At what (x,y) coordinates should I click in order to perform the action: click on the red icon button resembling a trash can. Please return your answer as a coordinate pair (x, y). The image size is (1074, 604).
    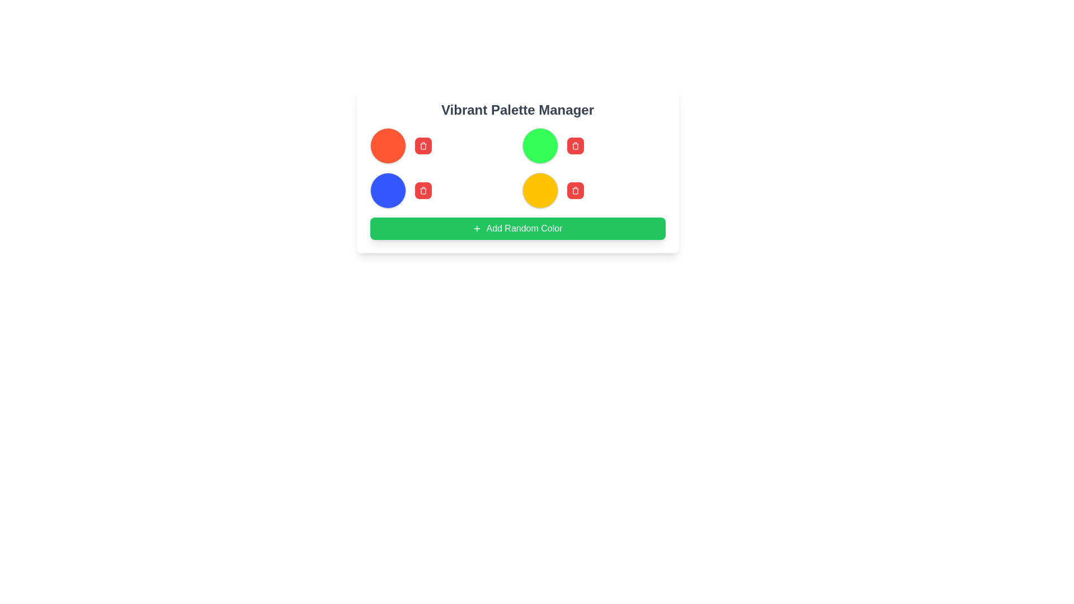
    Looking at the image, I should click on (422, 145).